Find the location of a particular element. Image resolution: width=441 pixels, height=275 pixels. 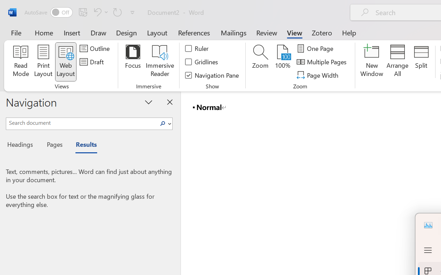

'Undo <ApplyStyleToDoc>b__0' is located at coordinates (96, 12).